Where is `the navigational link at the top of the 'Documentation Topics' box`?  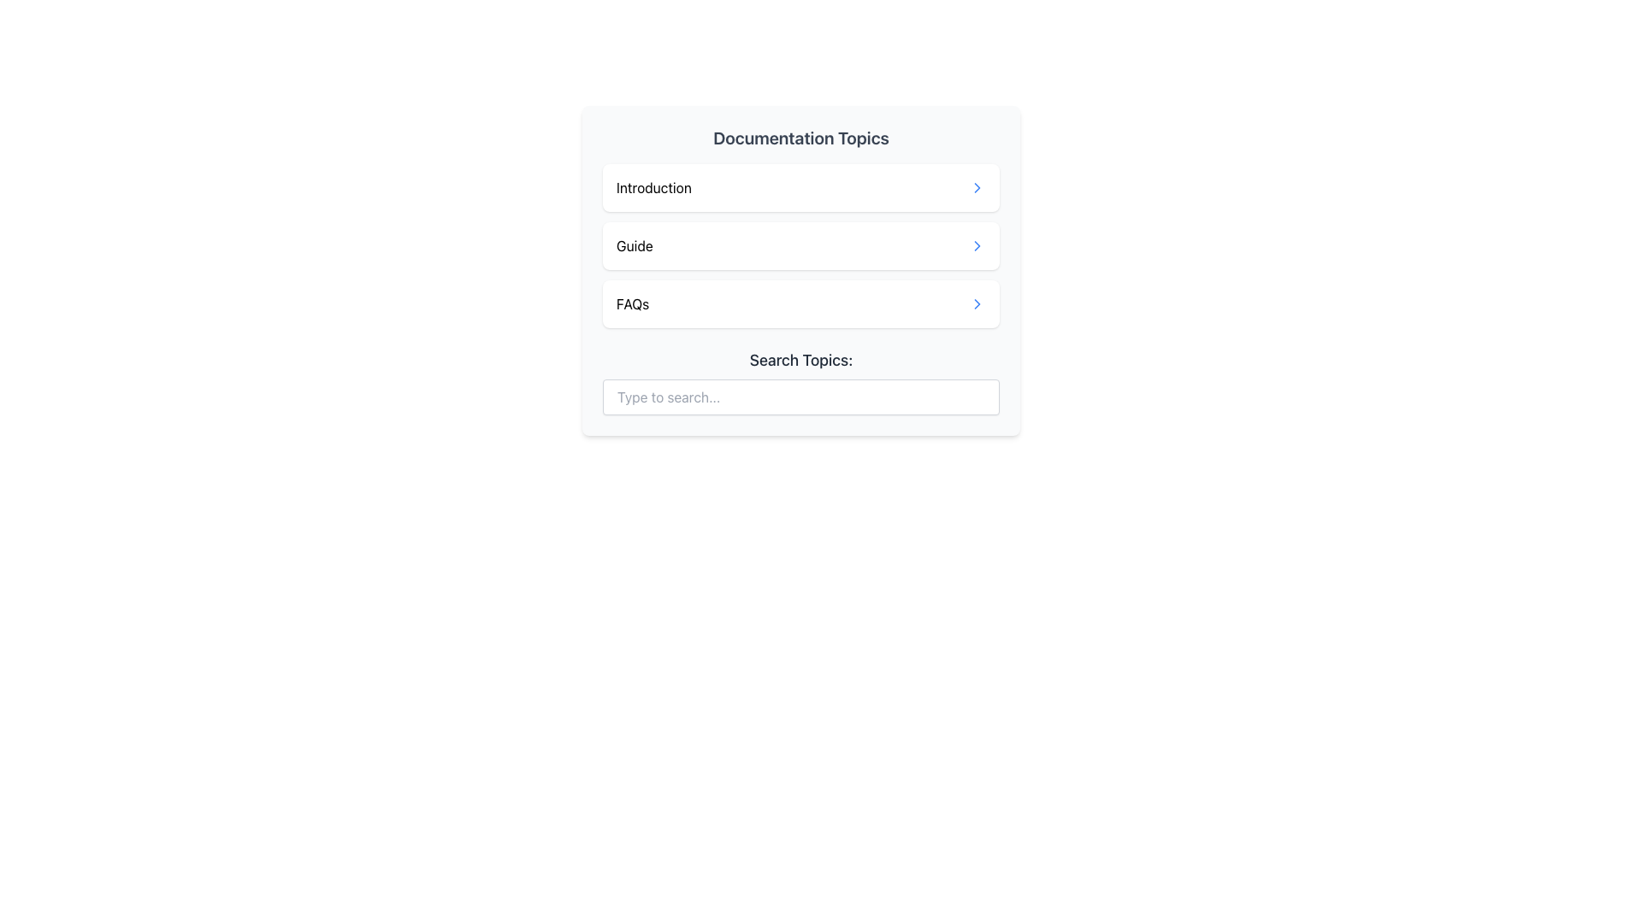
the navigational link at the top of the 'Documentation Topics' box is located at coordinates (800, 187).